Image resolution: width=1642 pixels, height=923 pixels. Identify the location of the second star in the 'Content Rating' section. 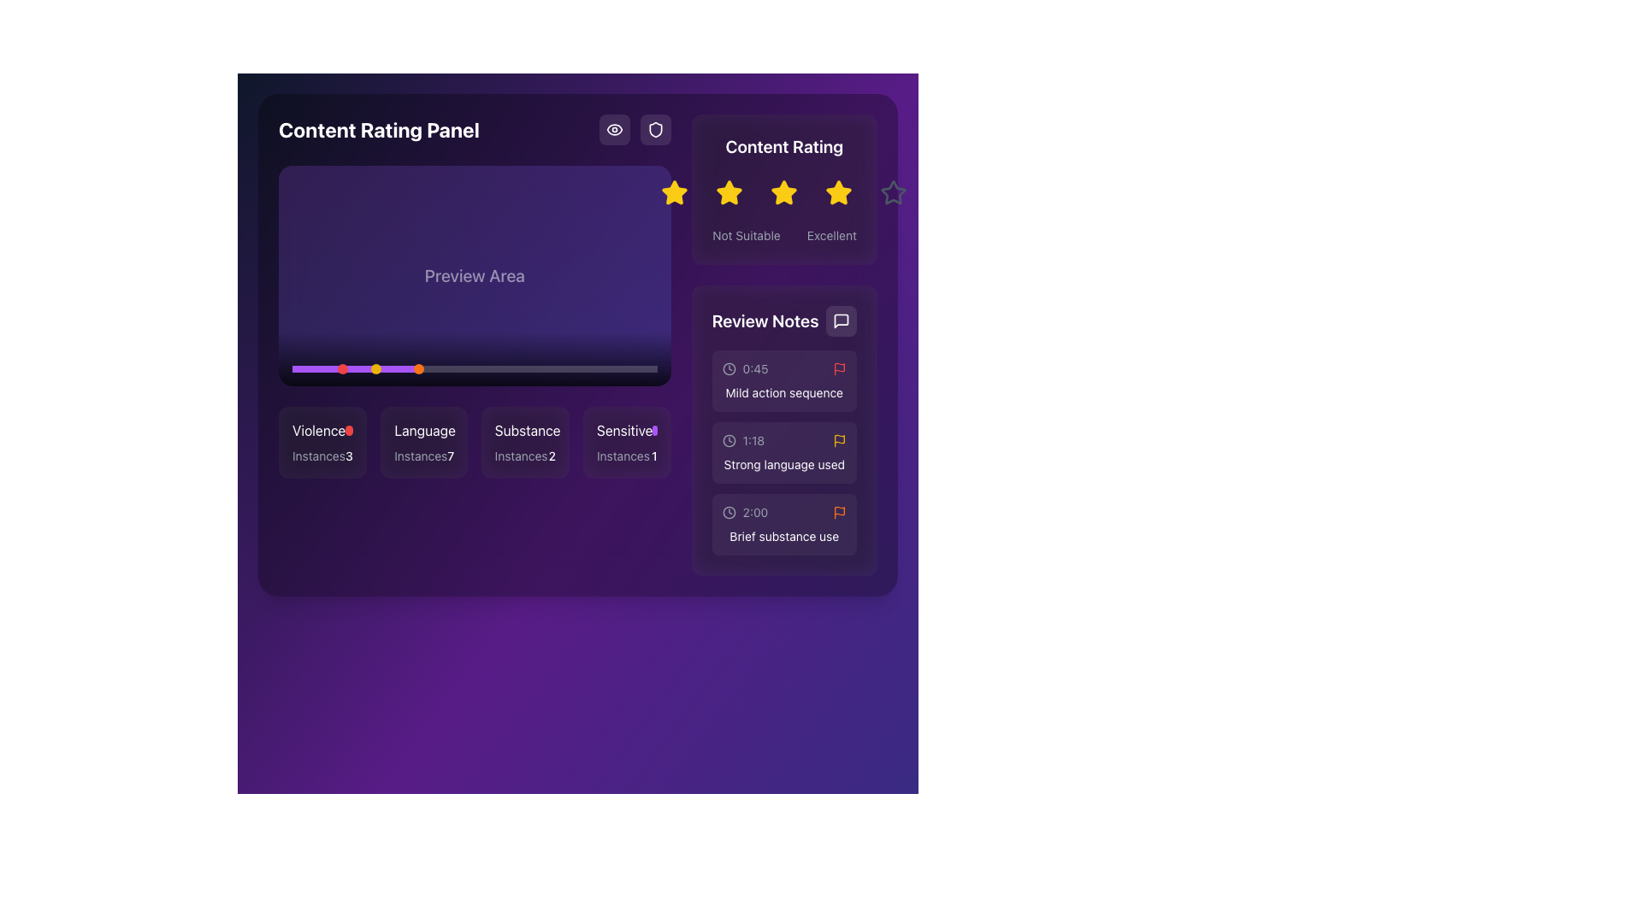
(783, 192).